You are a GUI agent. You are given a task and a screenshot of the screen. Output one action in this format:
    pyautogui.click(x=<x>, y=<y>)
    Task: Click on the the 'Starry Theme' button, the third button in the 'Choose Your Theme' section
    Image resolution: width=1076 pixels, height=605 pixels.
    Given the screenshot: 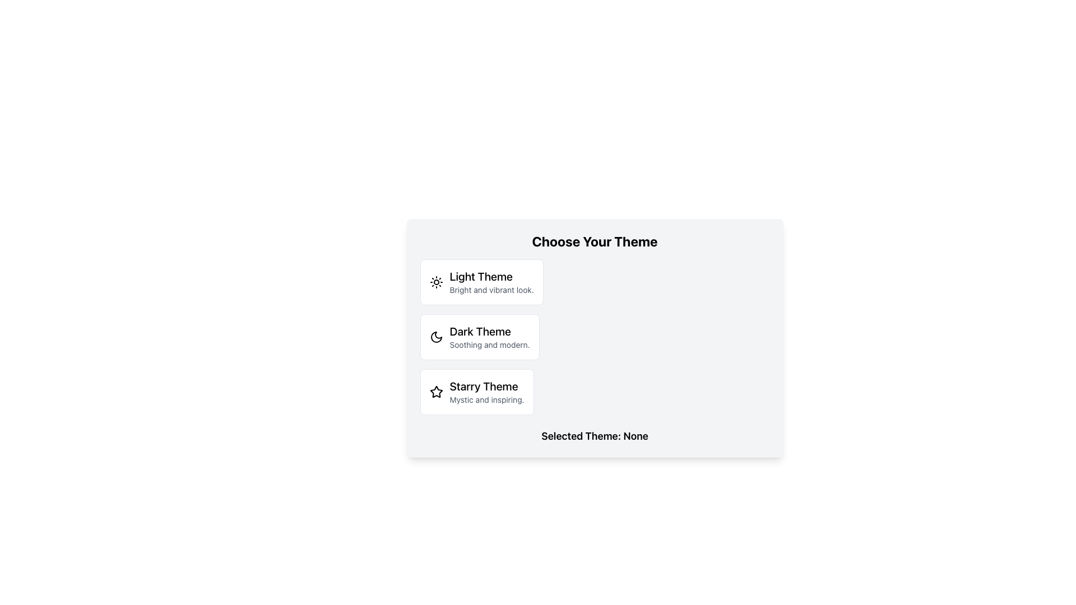 What is the action you would take?
    pyautogui.click(x=477, y=391)
    